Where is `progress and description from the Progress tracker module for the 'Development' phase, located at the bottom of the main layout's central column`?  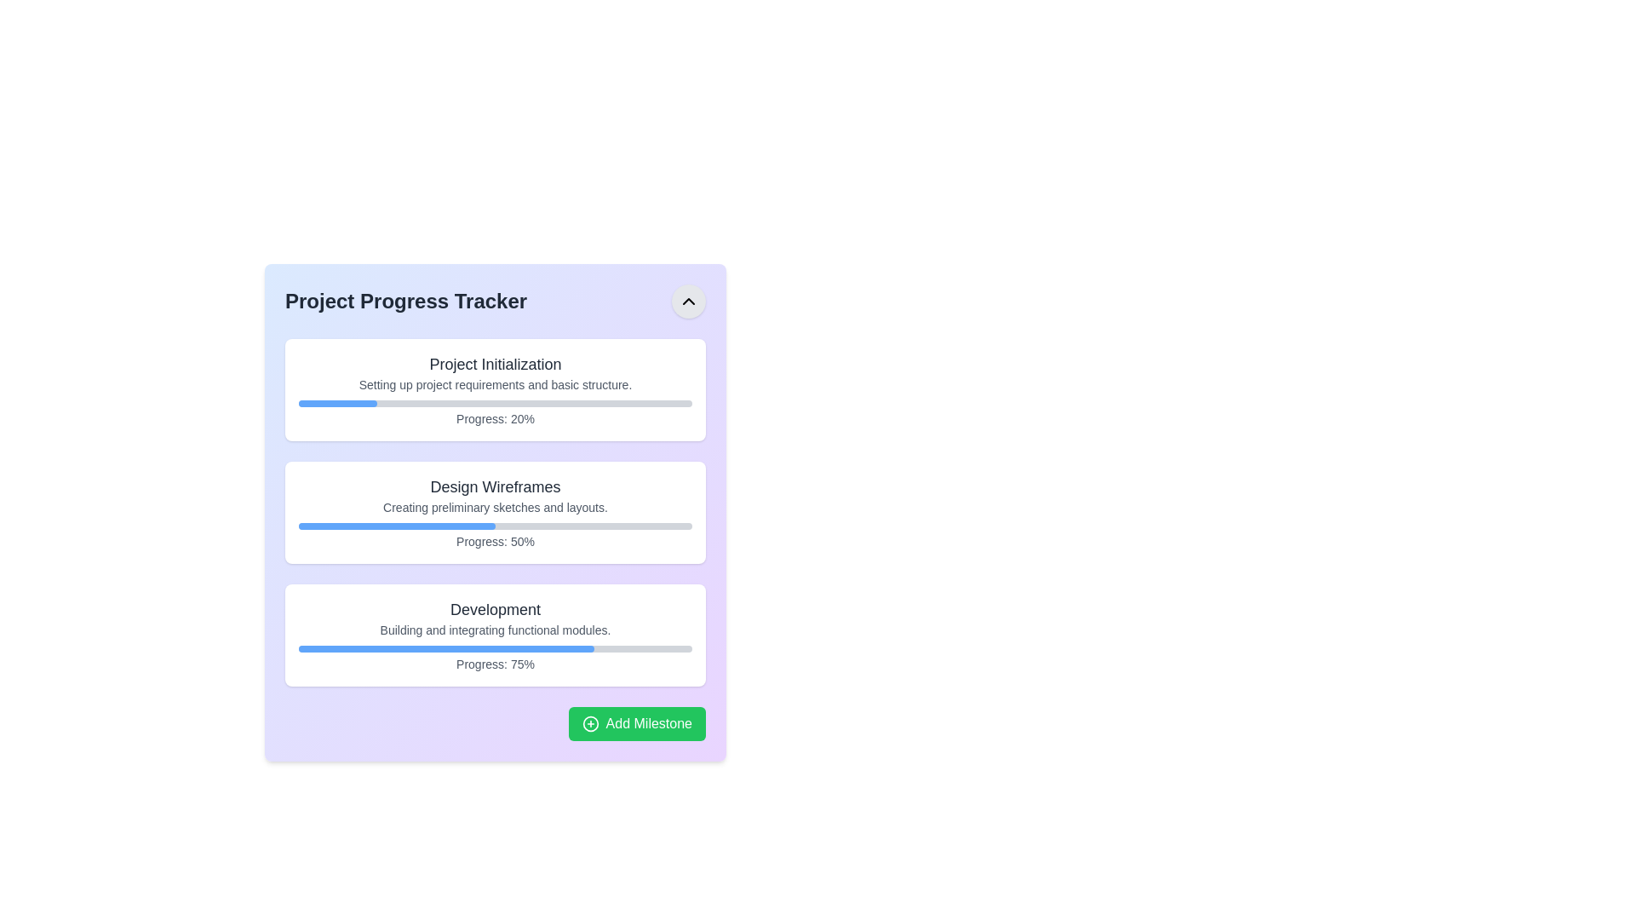
progress and description from the Progress tracker module for the 'Development' phase, located at the bottom of the main layout's central column is located at coordinates (494, 635).